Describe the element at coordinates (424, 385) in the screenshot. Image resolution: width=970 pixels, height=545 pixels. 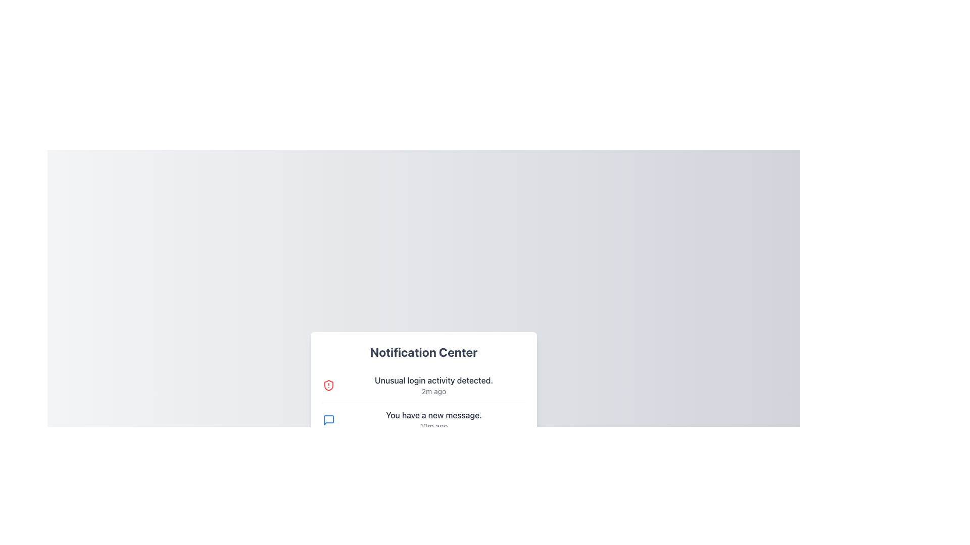
I see `the first notification item in the Notification Center that alerts about 'Unusual login activity detected.'` at that location.